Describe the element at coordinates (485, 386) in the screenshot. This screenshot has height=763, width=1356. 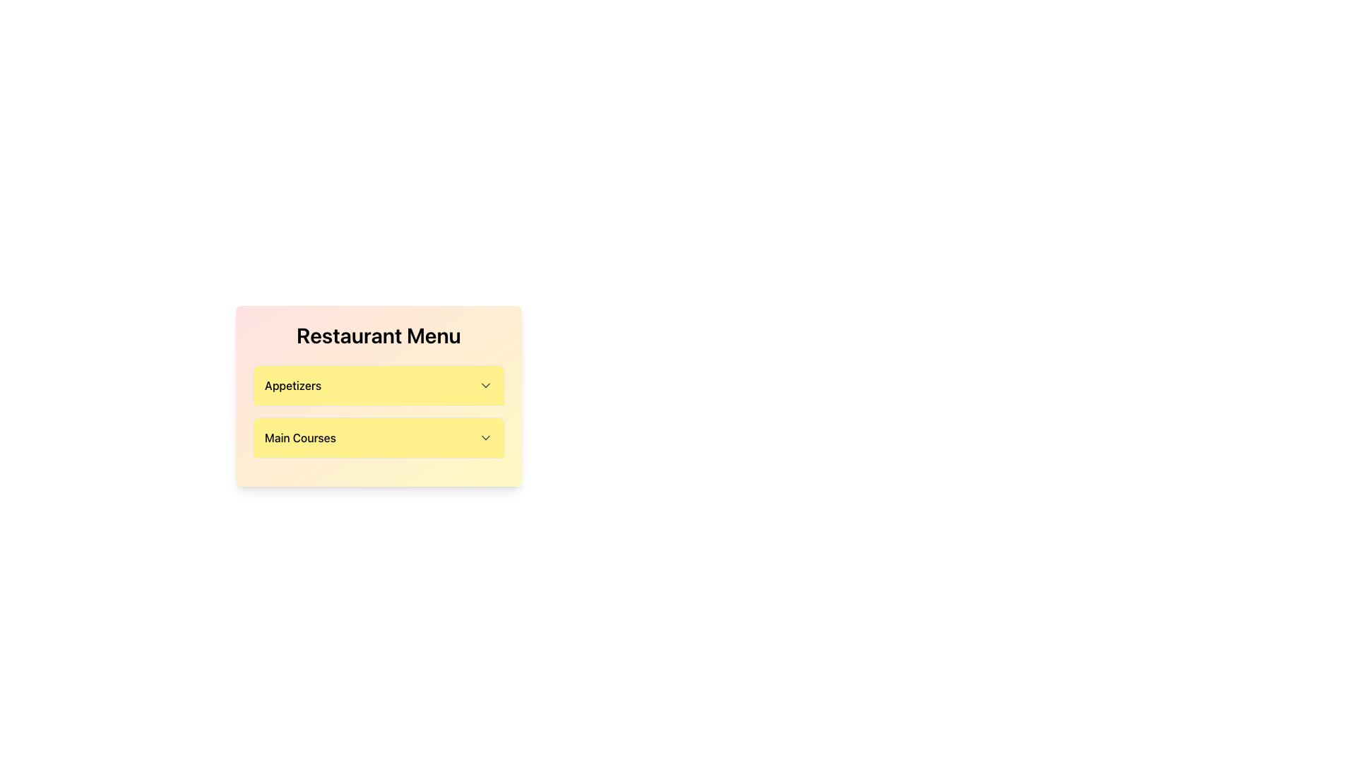
I see `the downward-pointing chevron icon located at the right end of the 'Appetizers' section header` at that location.